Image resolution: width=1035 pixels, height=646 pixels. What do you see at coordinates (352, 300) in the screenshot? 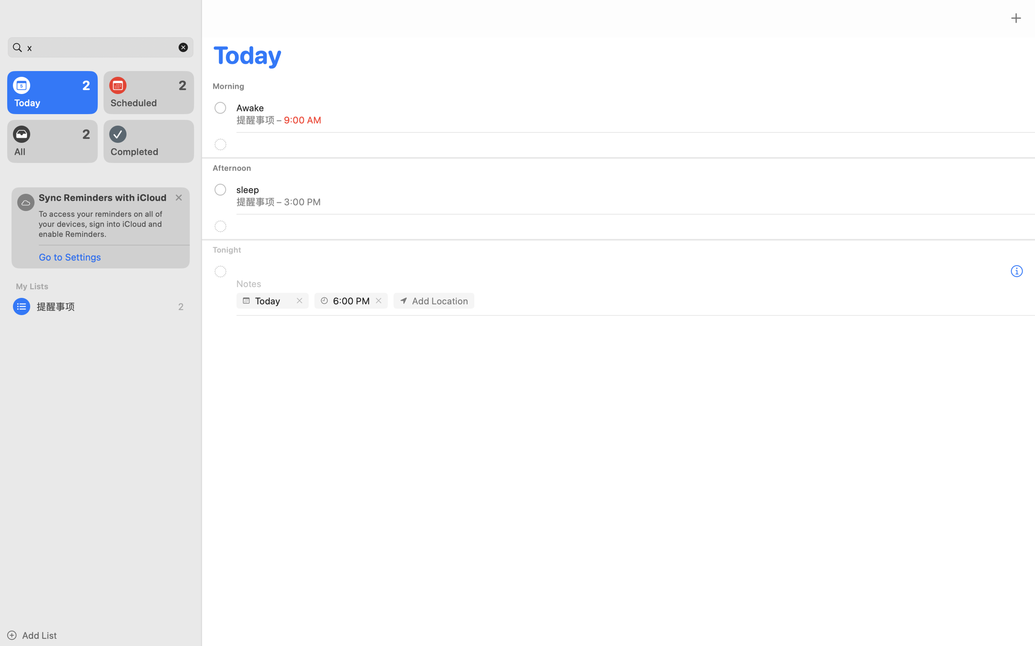
I see `'6:00 PM'` at bounding box center [352, 300].